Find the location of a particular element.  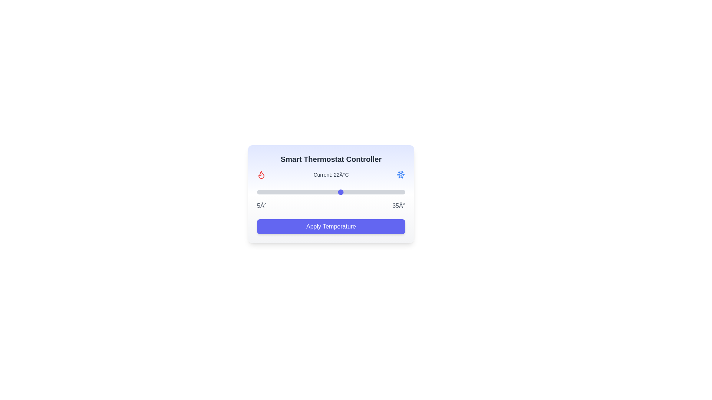

the snowflake icon to interact with it is located at coordinates (400, 174).